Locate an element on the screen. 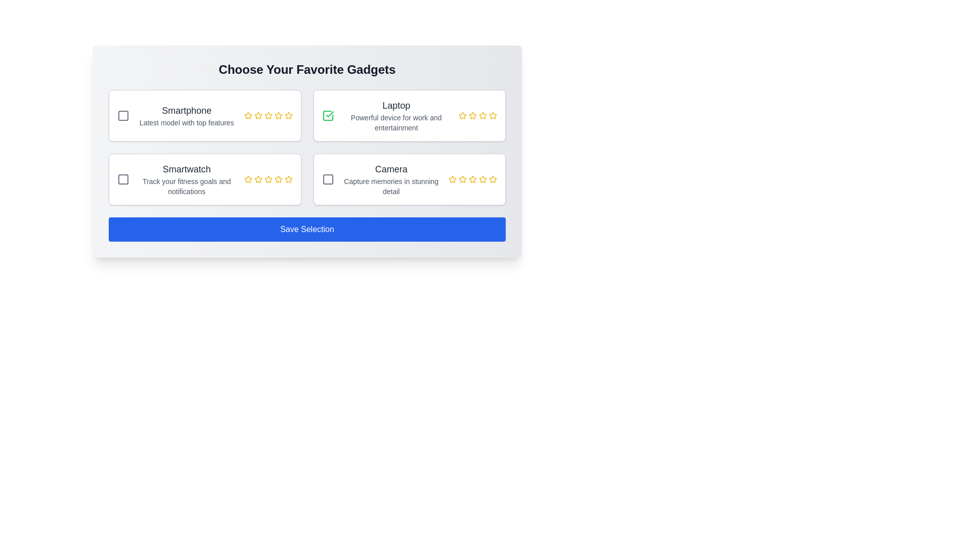 The image size is (971, 546). the third star in the sequence of five star-shaped icons located near the top-right of the 'Smartphone' content box is located at coordinates (268, 115).